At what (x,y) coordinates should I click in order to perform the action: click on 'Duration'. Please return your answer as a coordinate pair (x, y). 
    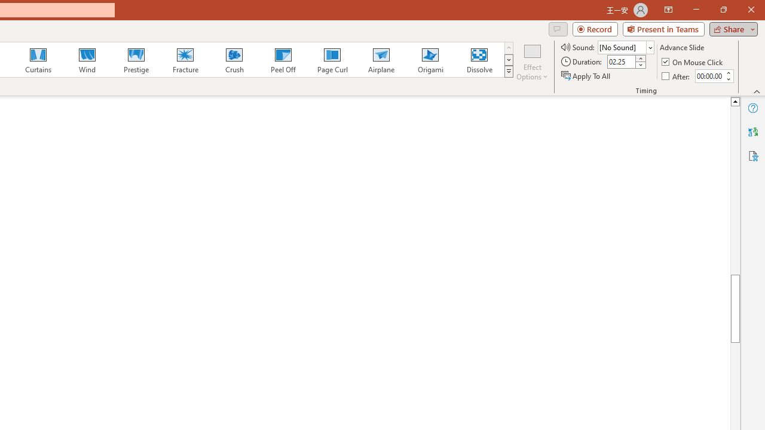
    Looking at the image, I should click on (622, 62).